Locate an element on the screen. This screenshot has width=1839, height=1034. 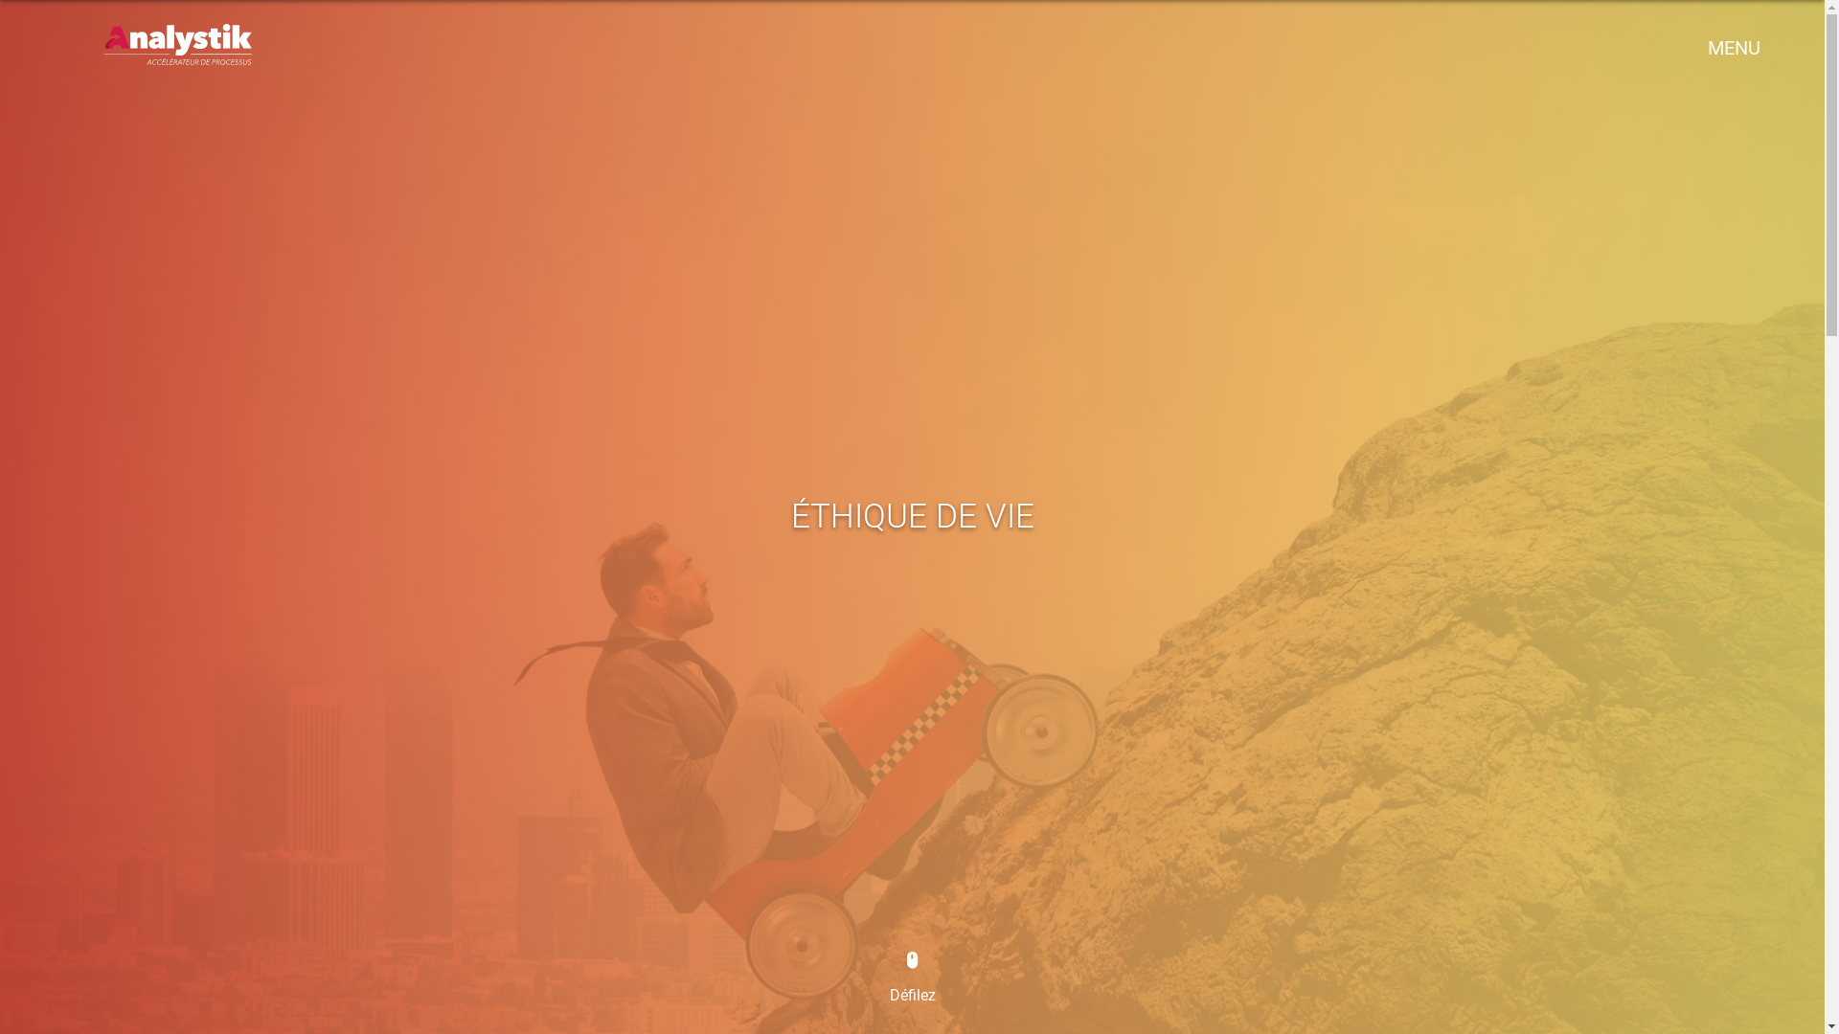
'x' is located at coordinates (1765, 28).